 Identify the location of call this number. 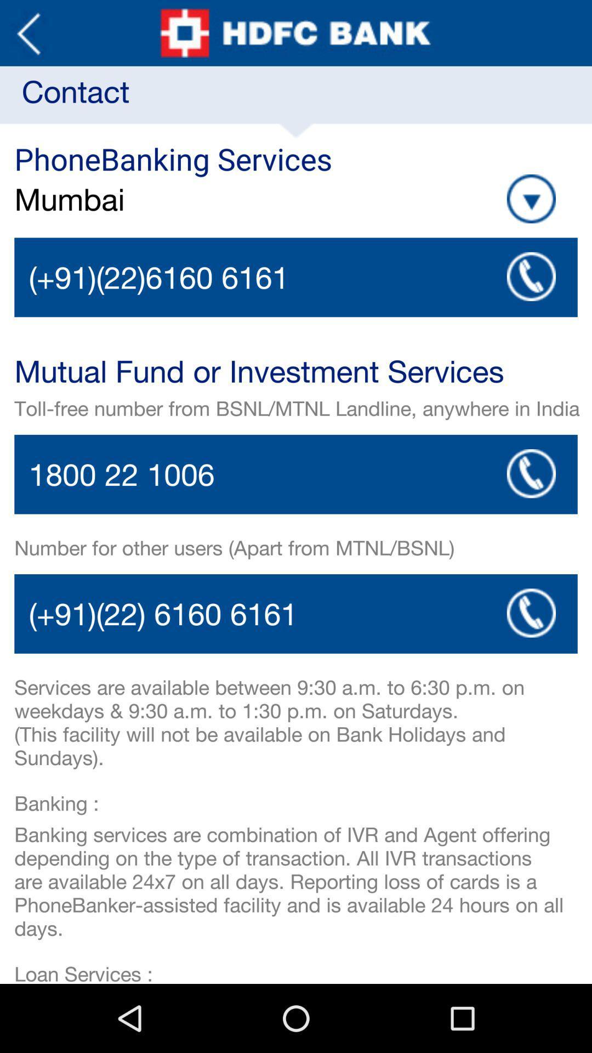
(296, 474).